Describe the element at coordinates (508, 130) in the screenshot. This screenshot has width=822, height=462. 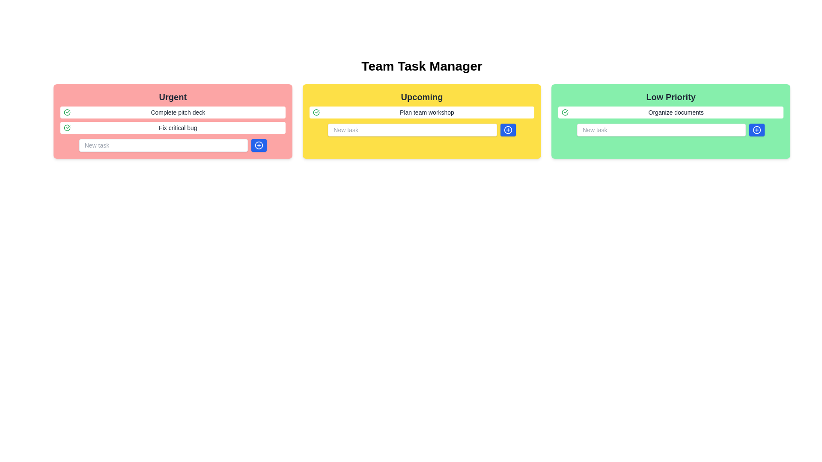
I see `the circular icon with a plus sign inside, styled in blue, located in the yellow 'Upcoming' section` at that location.